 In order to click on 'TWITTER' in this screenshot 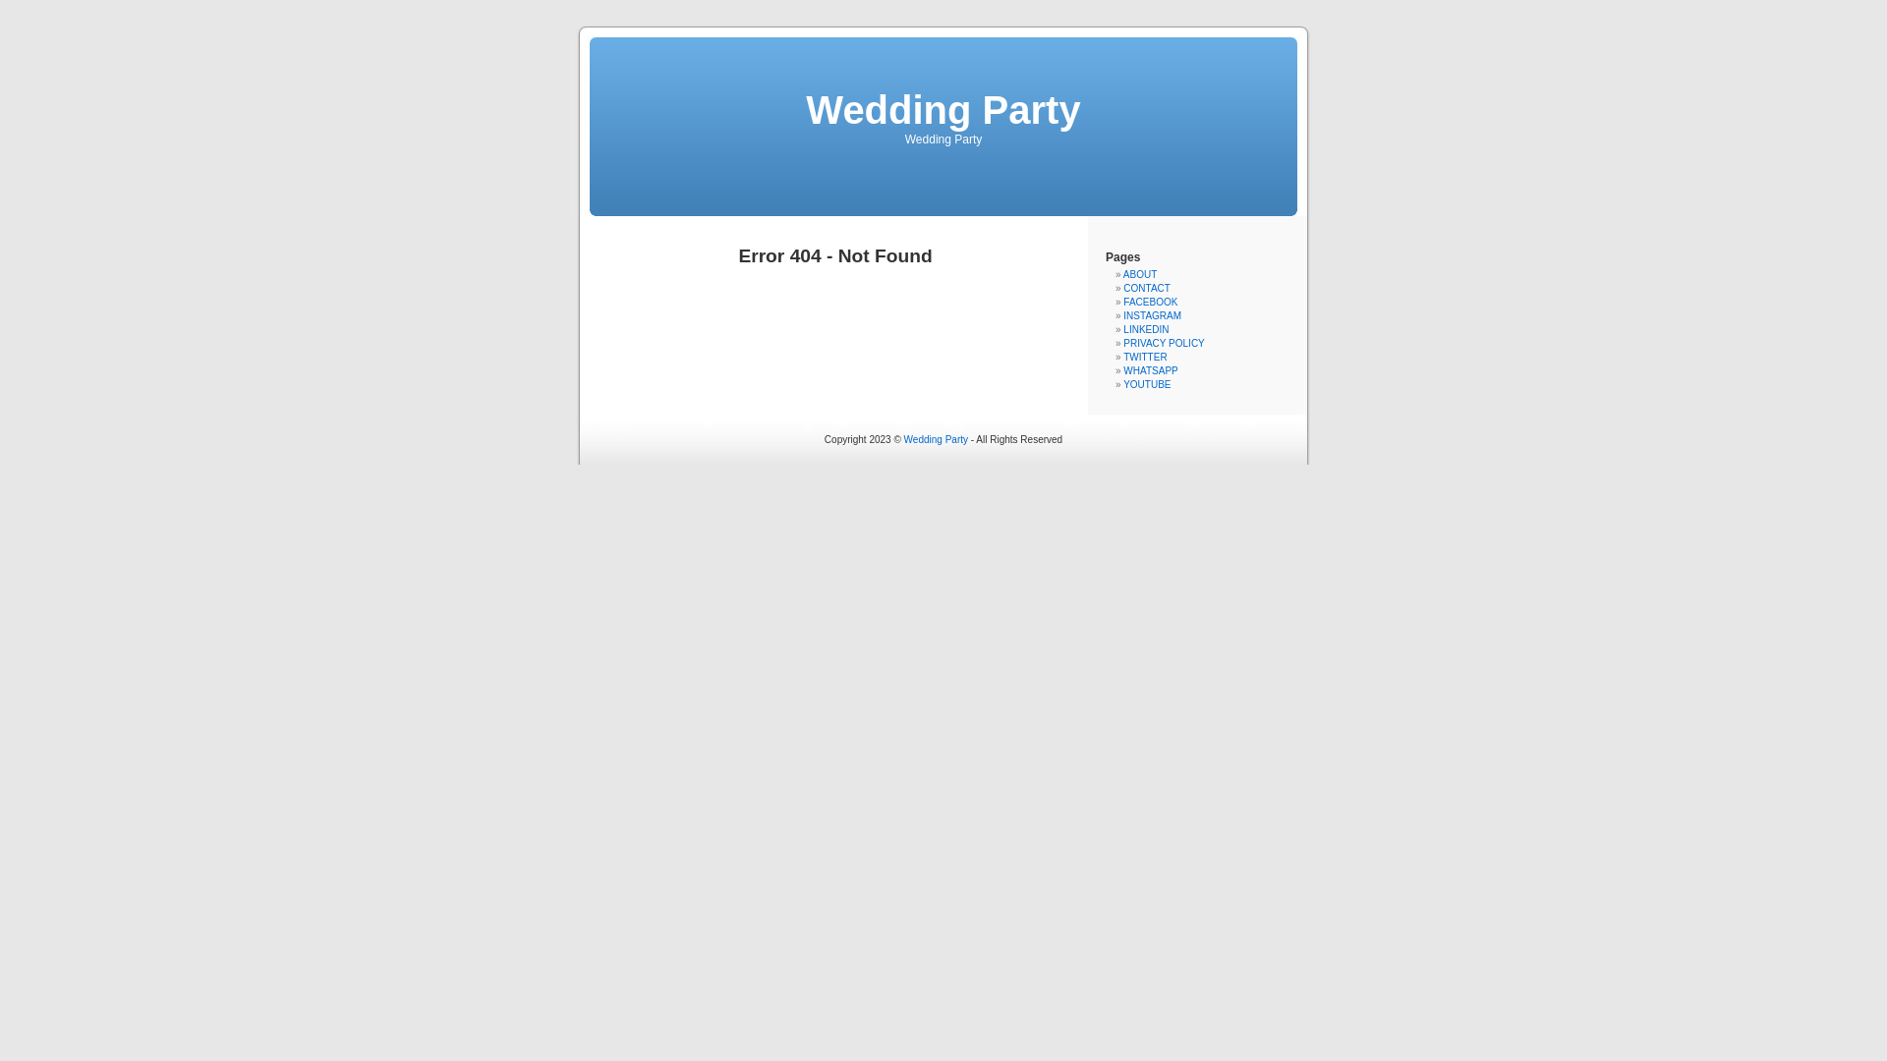, I will do `click(1122, 357)`.